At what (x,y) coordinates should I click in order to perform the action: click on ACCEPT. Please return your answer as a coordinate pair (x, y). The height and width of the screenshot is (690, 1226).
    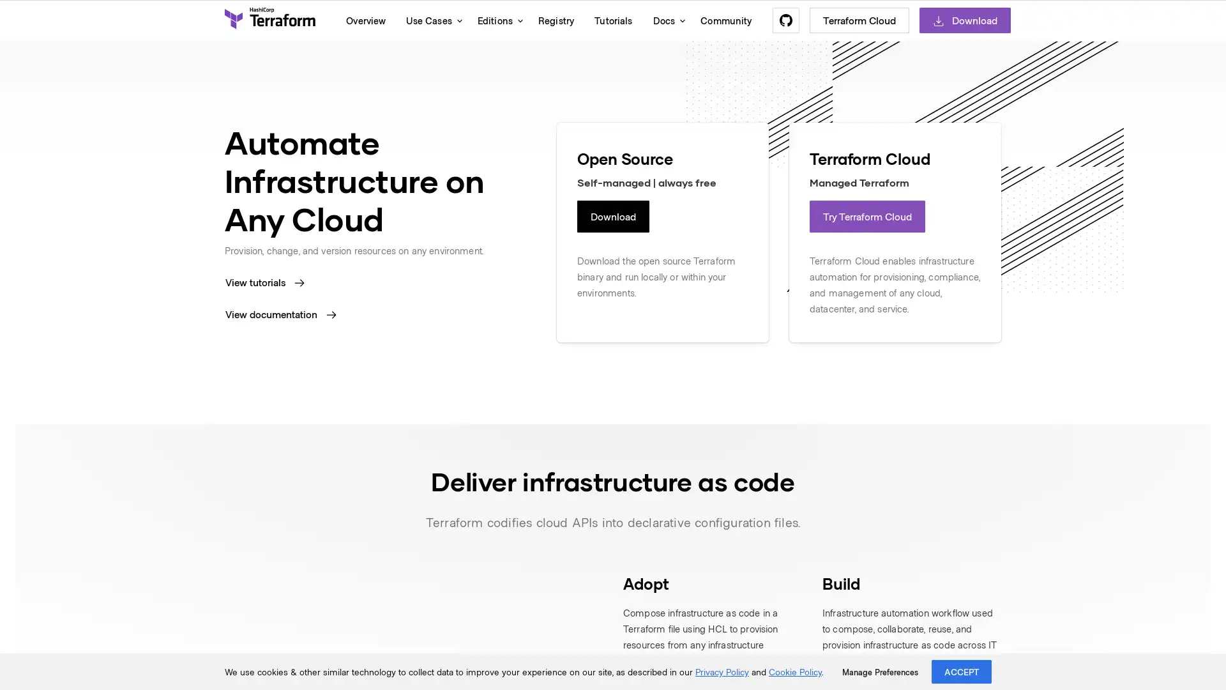
    Looking at the image, I should click on (962, 671).